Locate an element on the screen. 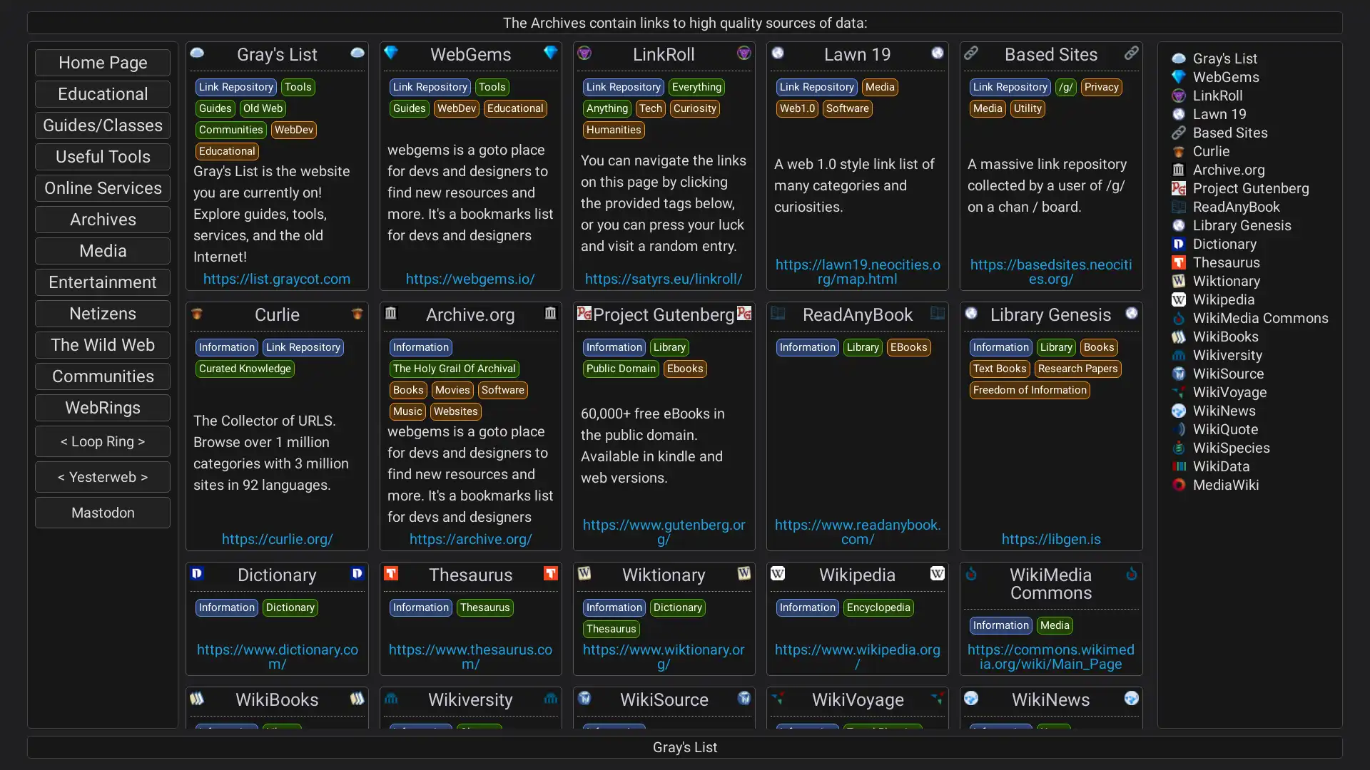 The image size is (1370, 770). < Yesterweb > is located at coordinates (102, 476).